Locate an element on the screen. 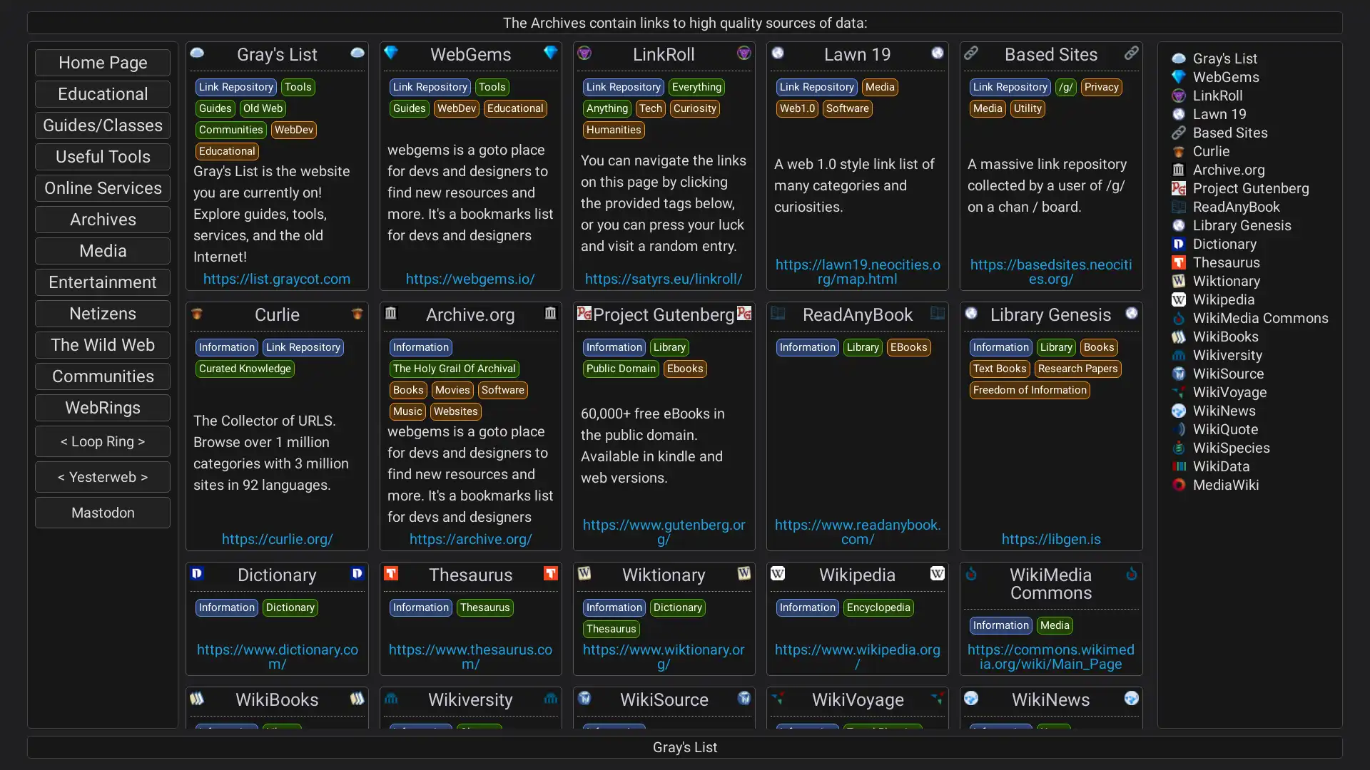 The image size is (1370, 770). < Yesterweb > is located at coordinates (102, 476).